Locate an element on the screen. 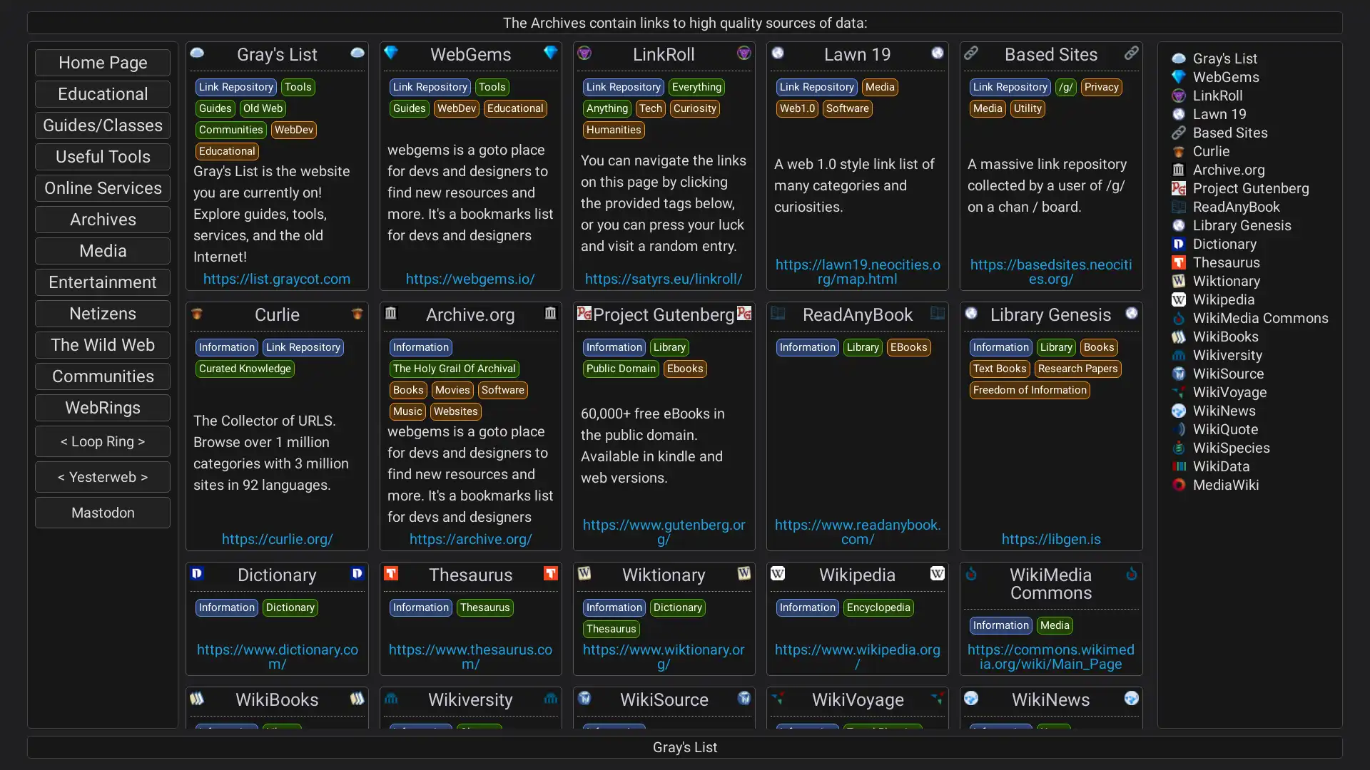 The image size is (1370, 770). < Yesterweb > is located at coordinates (102, 476).